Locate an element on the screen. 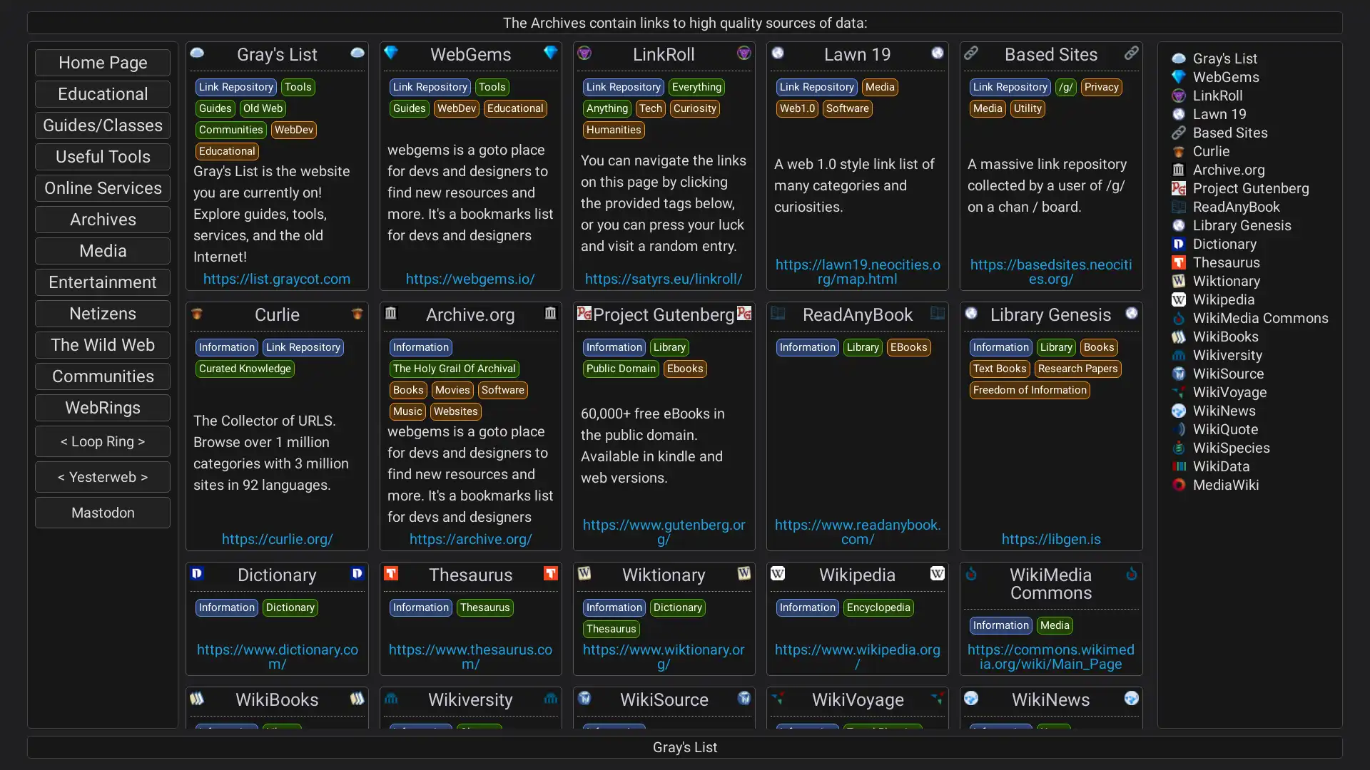 The image size is (1370, 770). < Yesterweb > is located at coordinates (102, 476).